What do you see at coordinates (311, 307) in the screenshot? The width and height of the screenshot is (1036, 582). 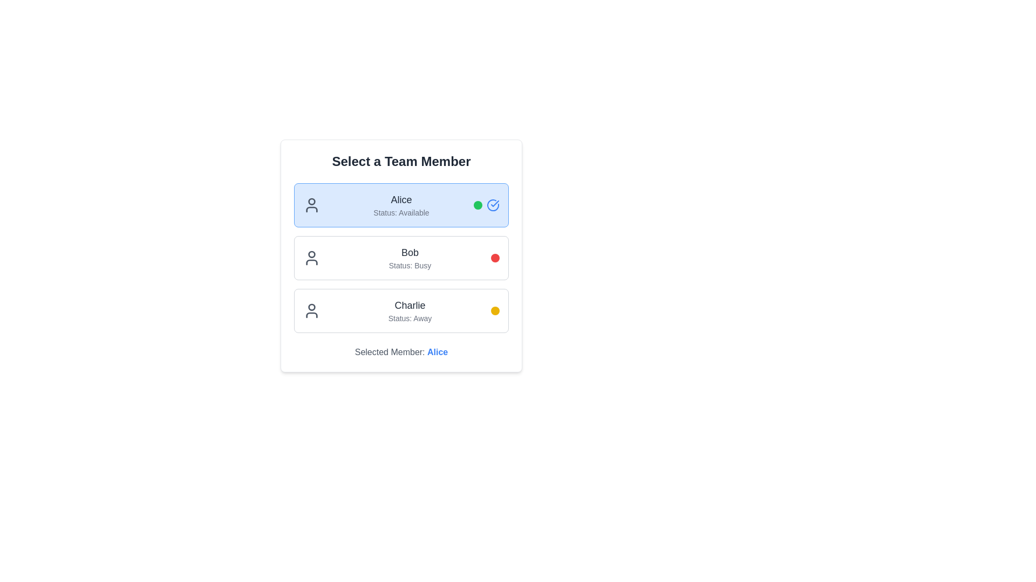 I see `the SVG Circle element that is part of the user icon for 'Charlie', located to the left of the label 'Charlie' and above the status indication graphics` at bounding box center [311, 307].